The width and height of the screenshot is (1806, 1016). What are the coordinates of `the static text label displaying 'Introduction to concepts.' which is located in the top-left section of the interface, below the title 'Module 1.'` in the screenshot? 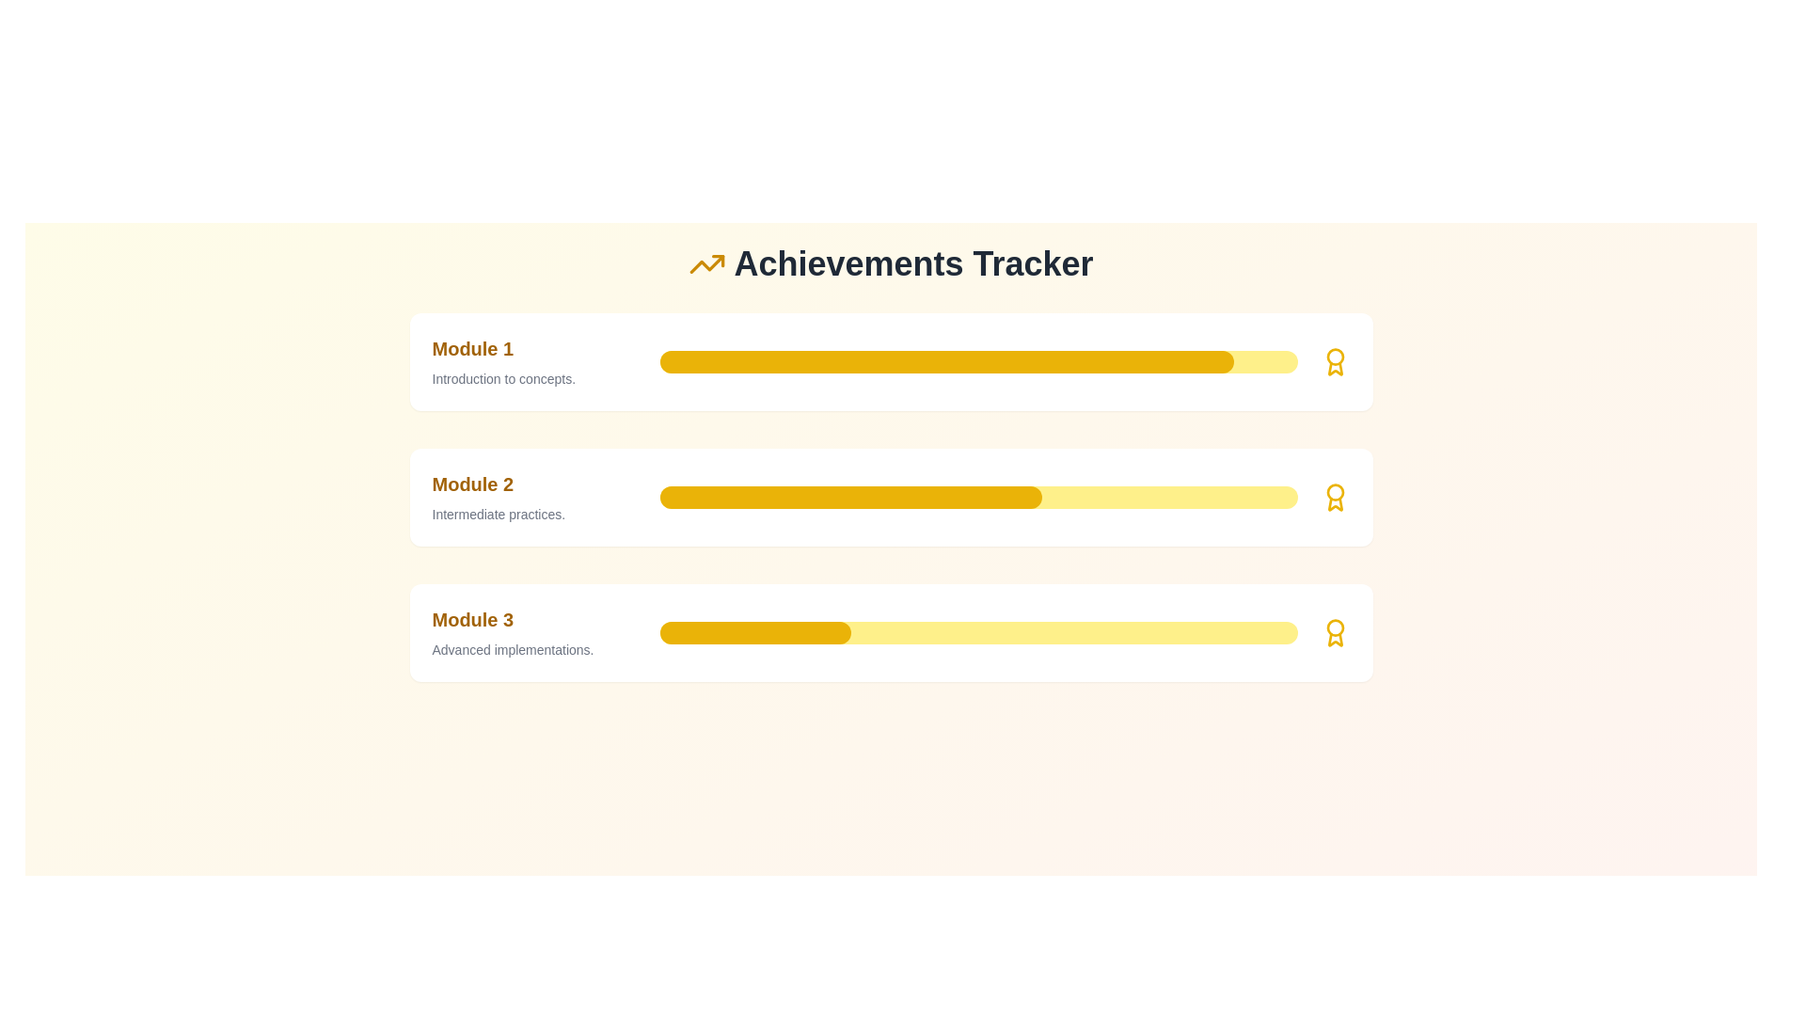 It's located at (537, 378).